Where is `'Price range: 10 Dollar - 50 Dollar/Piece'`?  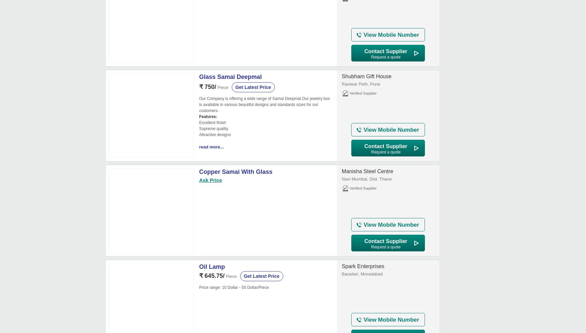 'Price range: 10 Dollar - 50 Dollar/Piece' is located at coordinates (234, 288).